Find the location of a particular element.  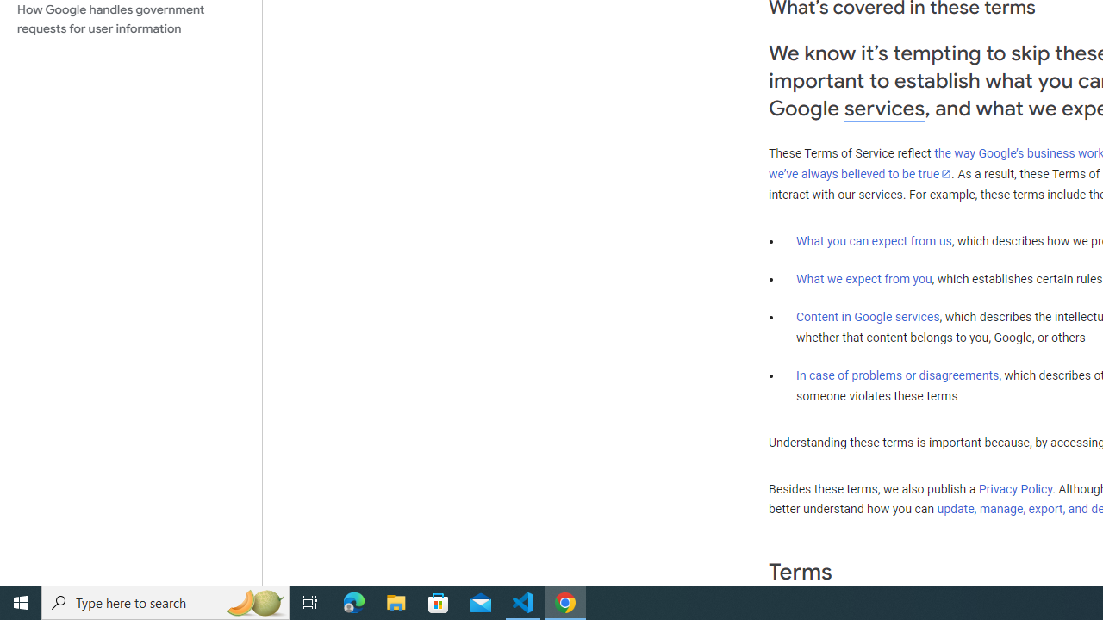

'What you can expect from us' is located at coordinates (874, 240).